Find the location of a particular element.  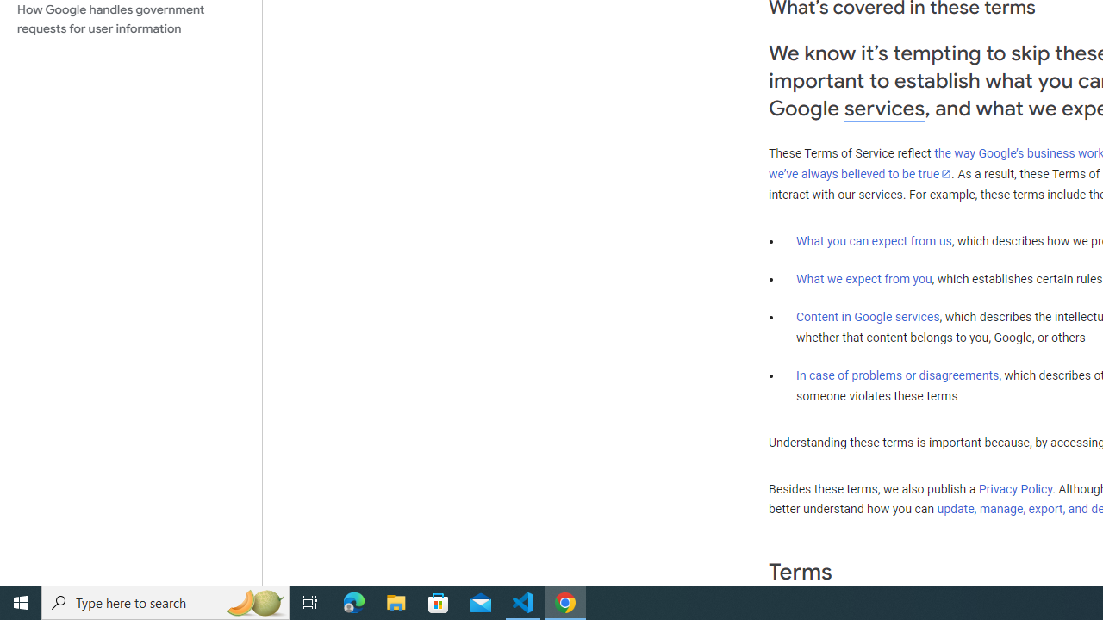

'What you can expect from us' is located at coordinates (874, 240).